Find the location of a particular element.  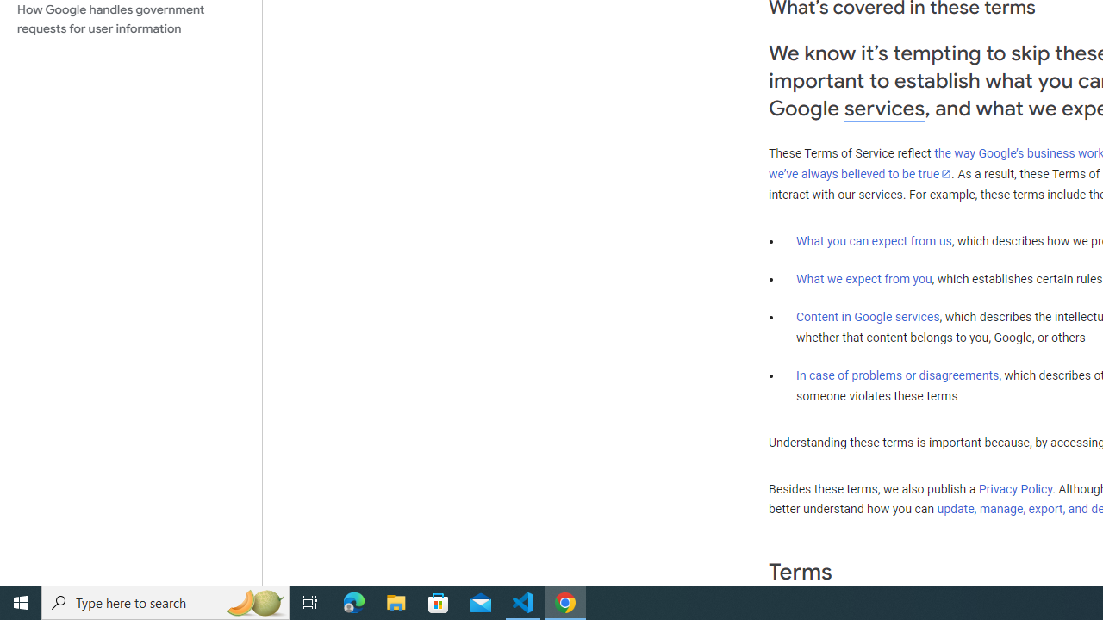

'What you can expect from us' is located at coordinates (874, 240).